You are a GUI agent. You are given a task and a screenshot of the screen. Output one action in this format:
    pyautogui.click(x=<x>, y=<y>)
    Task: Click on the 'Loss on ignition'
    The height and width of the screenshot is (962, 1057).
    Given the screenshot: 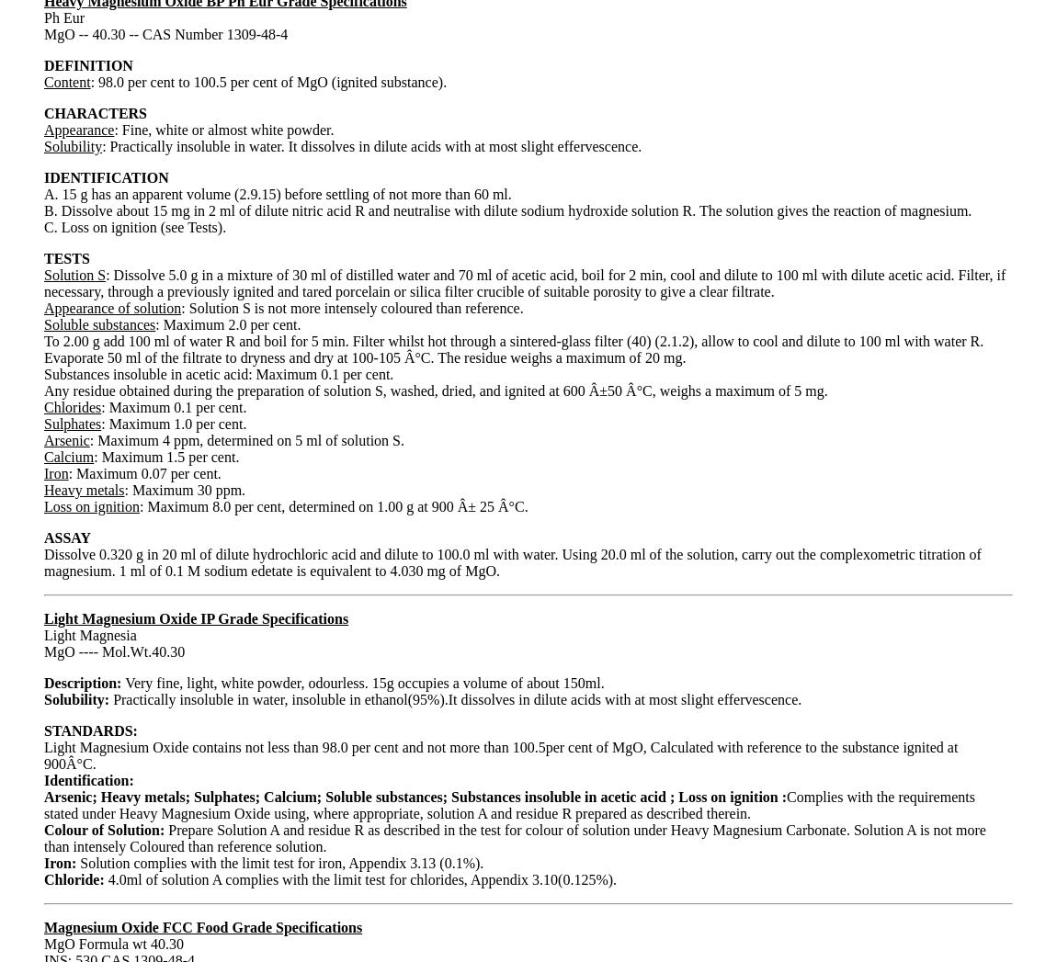 What is the action you would take?
    pyautogui.click(x=91, y=505)
    